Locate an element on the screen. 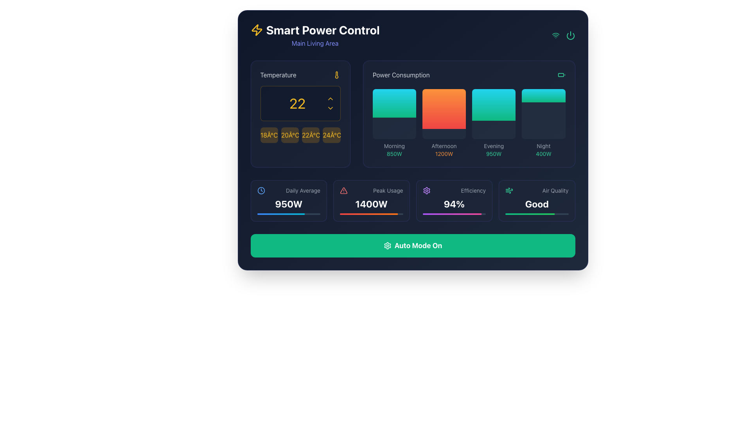  the '18°C' button in the Temperature section is located at coordinates (269, 135).